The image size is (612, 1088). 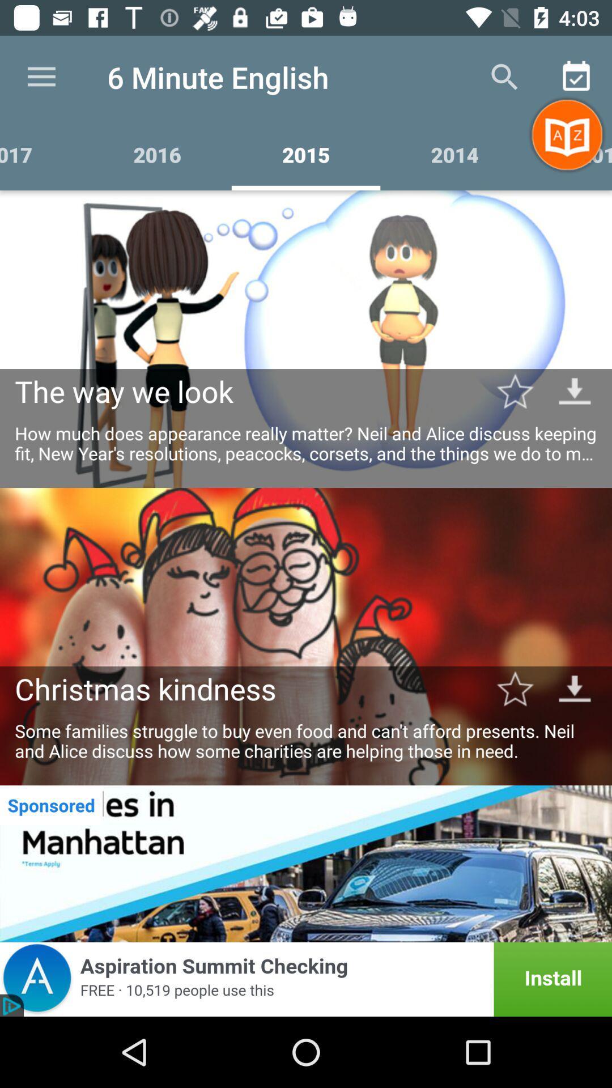 I want to click on visit sponsor 's page, so click(x=306, y=863).